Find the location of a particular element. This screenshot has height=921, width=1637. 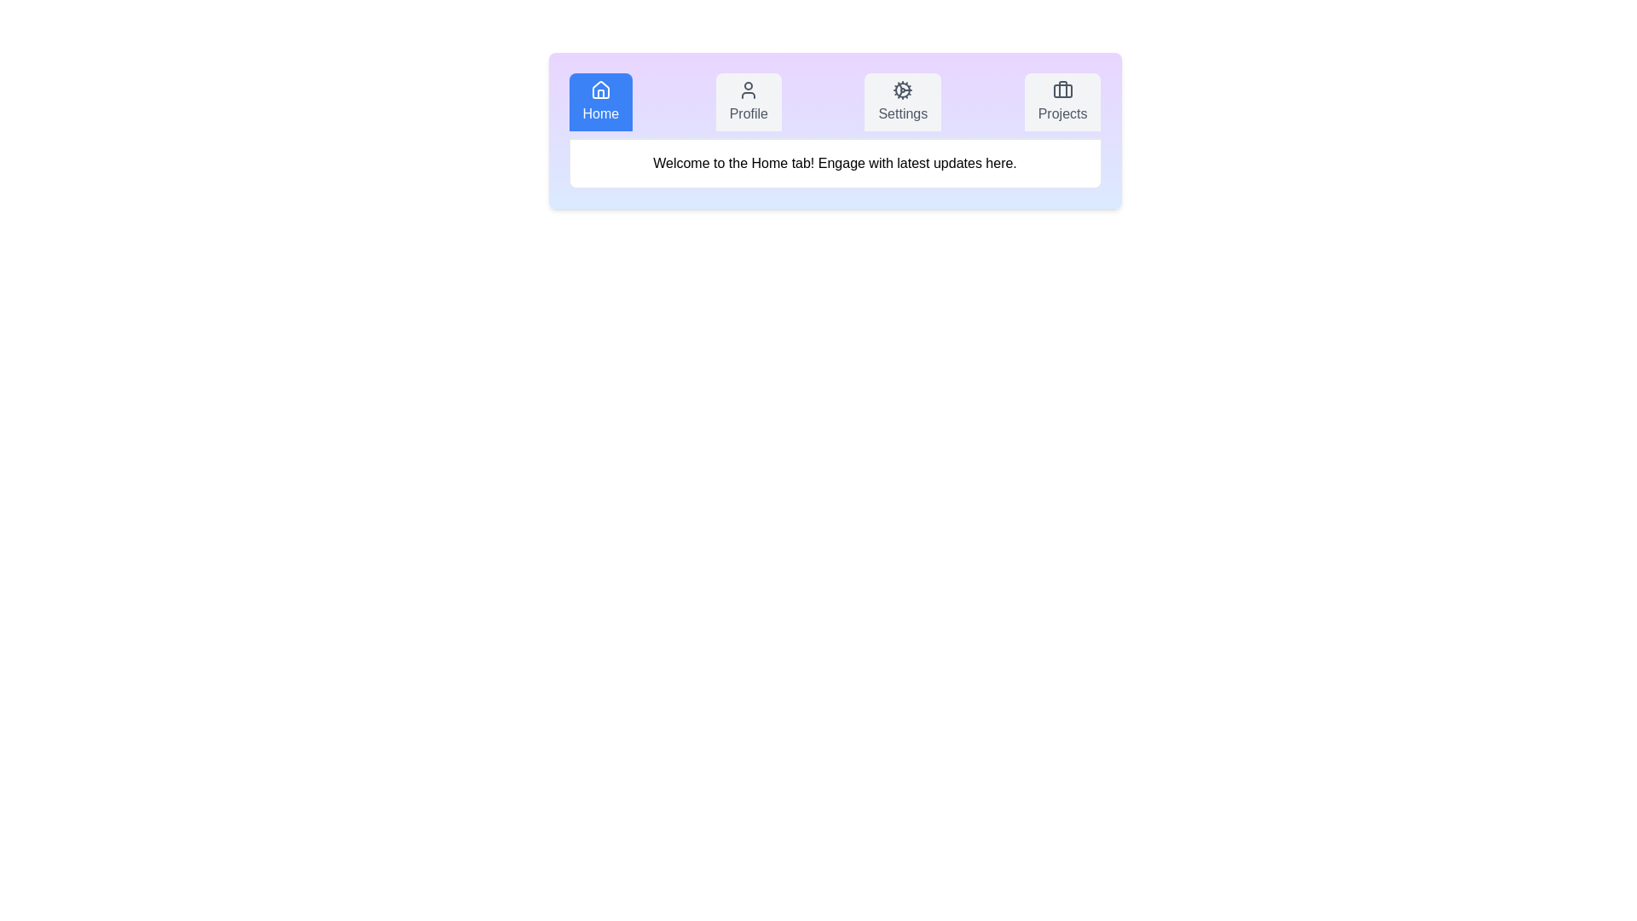

the cogwheel icon representing settings is located at coordinates (902, 90).